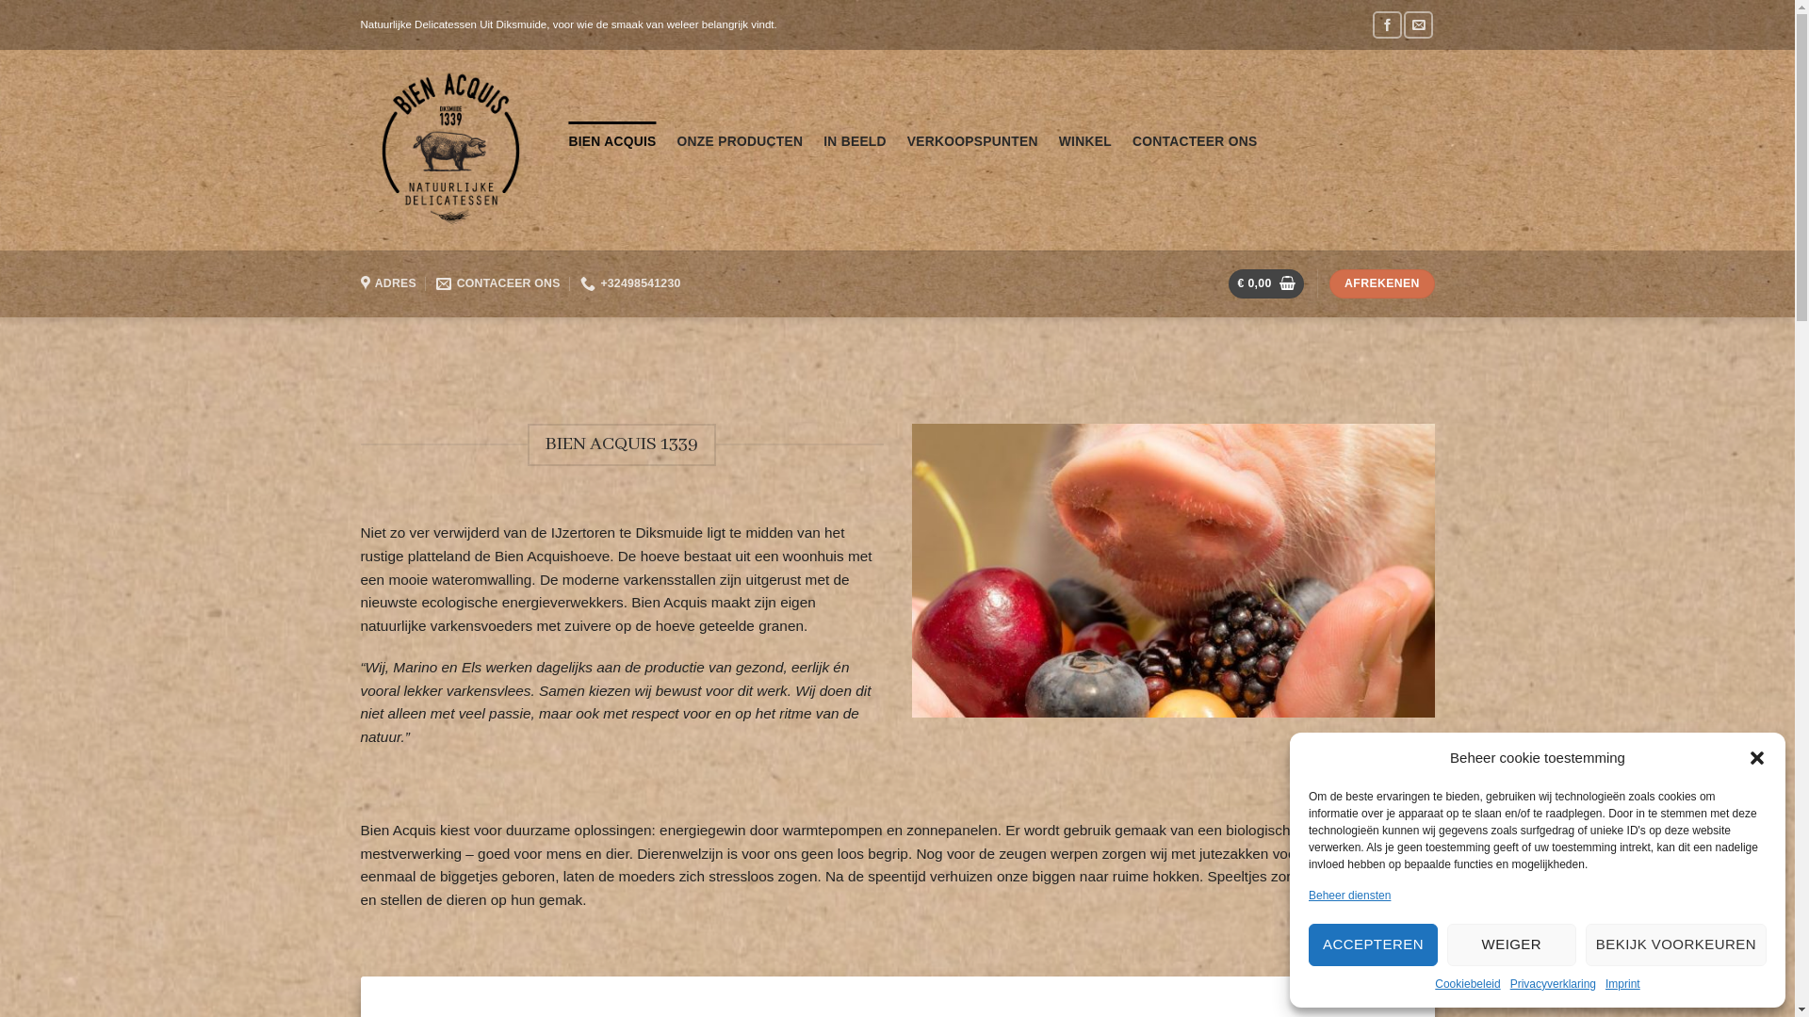 This screenshot has height=1017, width=1809. I want to click on 'Imprint', so click(1605, 983).